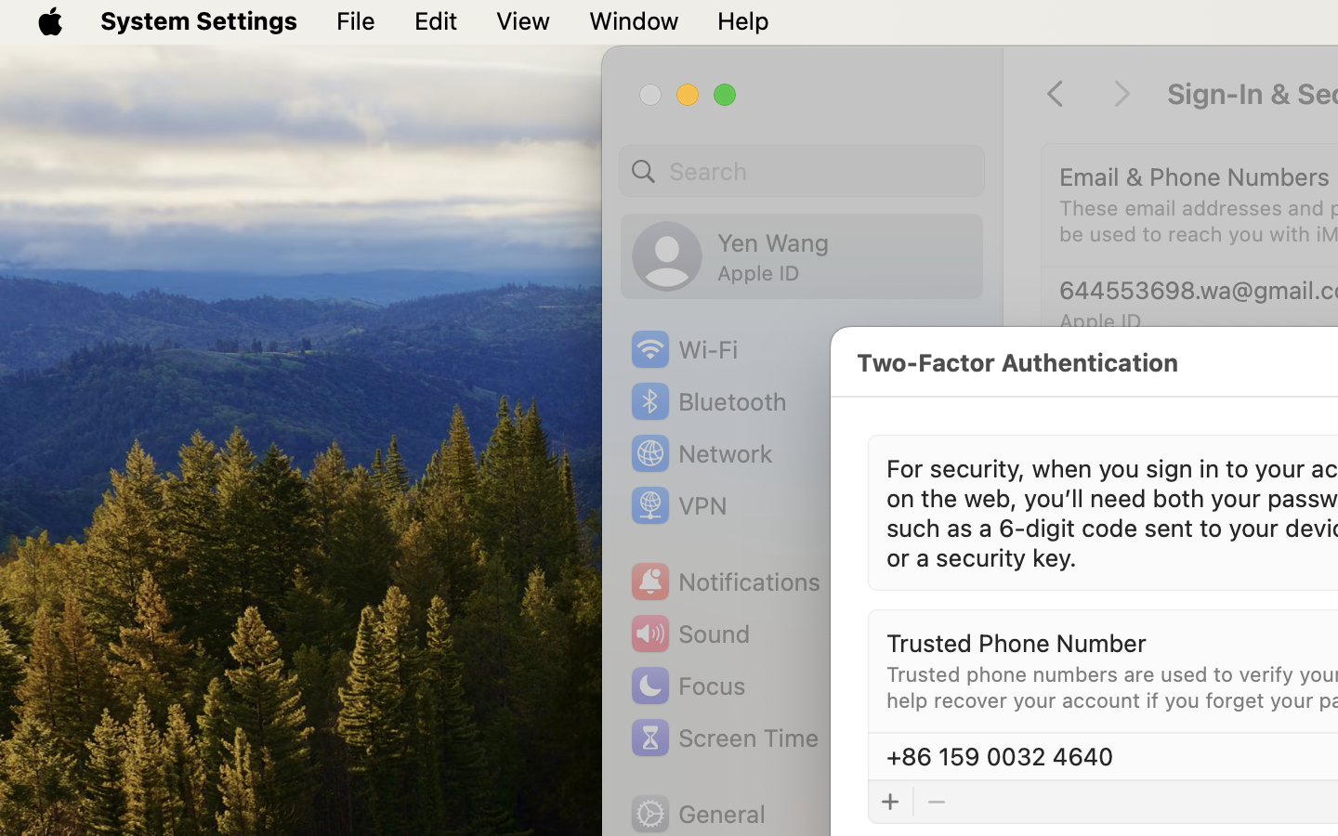 Image resolution: width=1338 pixels, height=836 pixels. Describe the element at coordinates (707, 401) in the screenshot. I see `'Bluetooth'` at that location.